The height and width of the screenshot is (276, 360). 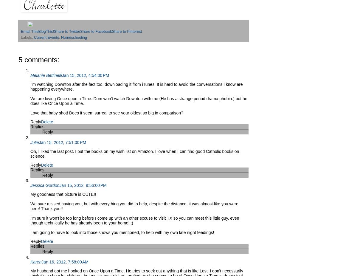 What do you see at coordinates (122, 232) in the screenshot?
I see `'I am going to have to look into those shows you mentioned, to help with my own late night feedings!'` at bounding box center [122, 232].